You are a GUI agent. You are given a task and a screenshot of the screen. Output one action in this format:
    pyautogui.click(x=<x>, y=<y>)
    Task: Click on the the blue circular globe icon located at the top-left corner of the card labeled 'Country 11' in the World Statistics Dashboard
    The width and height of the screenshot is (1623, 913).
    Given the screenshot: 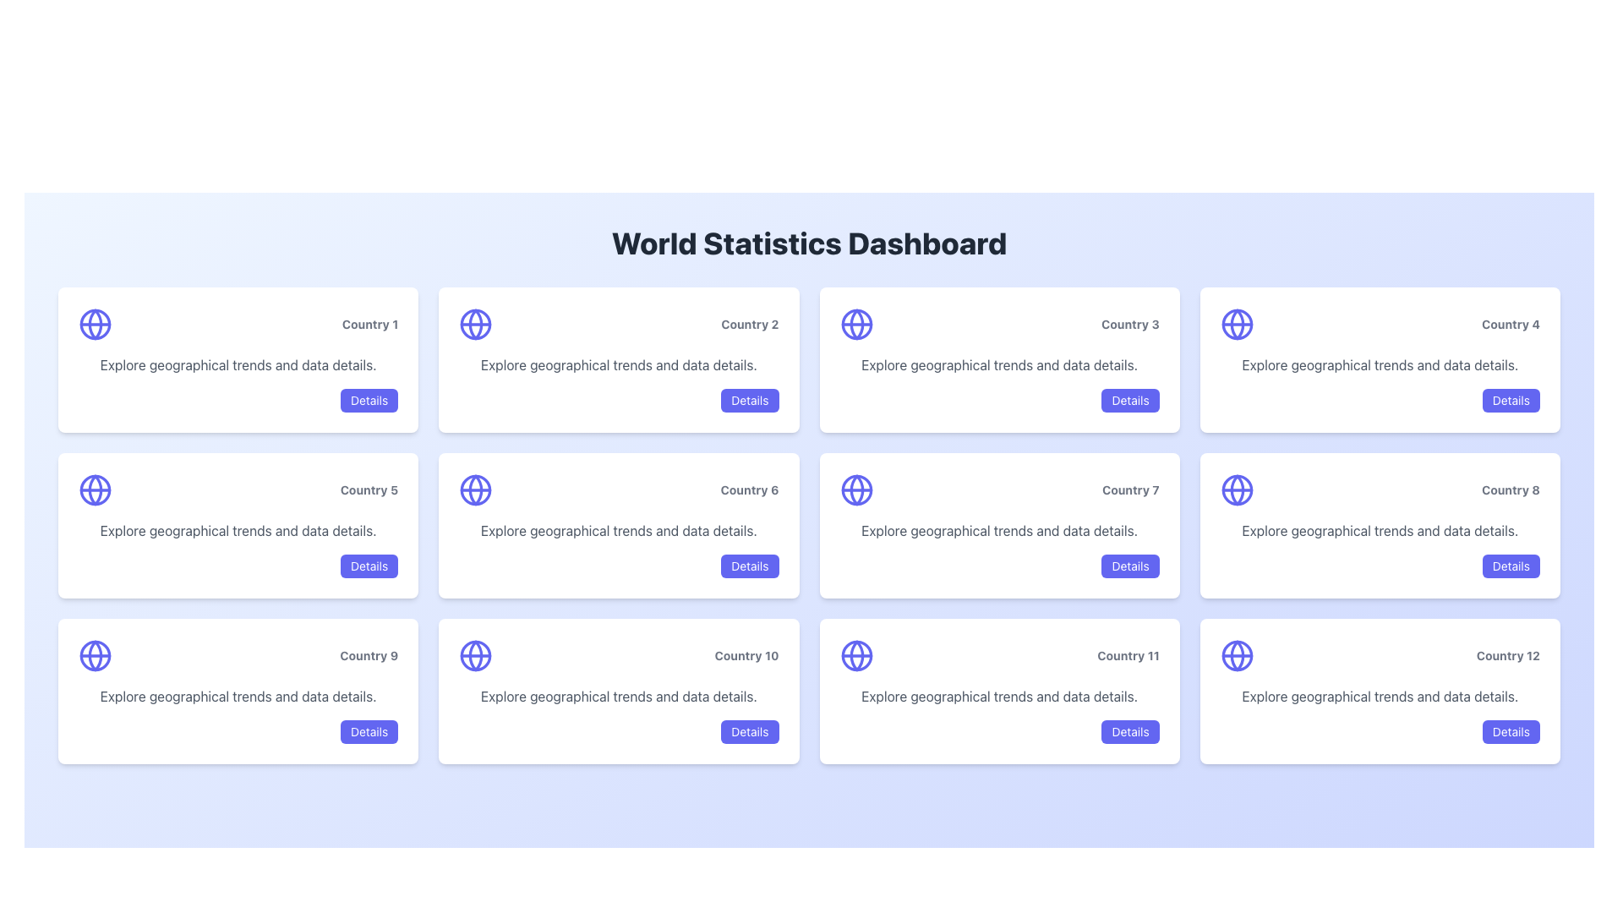 What is the action you would take?
    pyautogui.click(x=856, y=654)
    